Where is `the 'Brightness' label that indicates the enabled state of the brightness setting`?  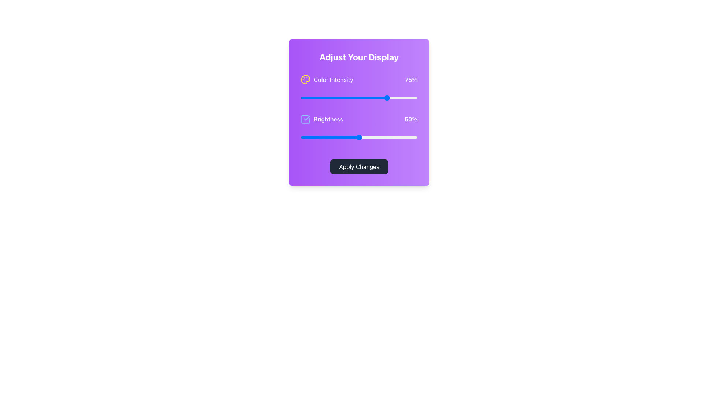
the 'Brightness' label that indicates the enabled state of the brightness setting is located at coordinates (321, 119).